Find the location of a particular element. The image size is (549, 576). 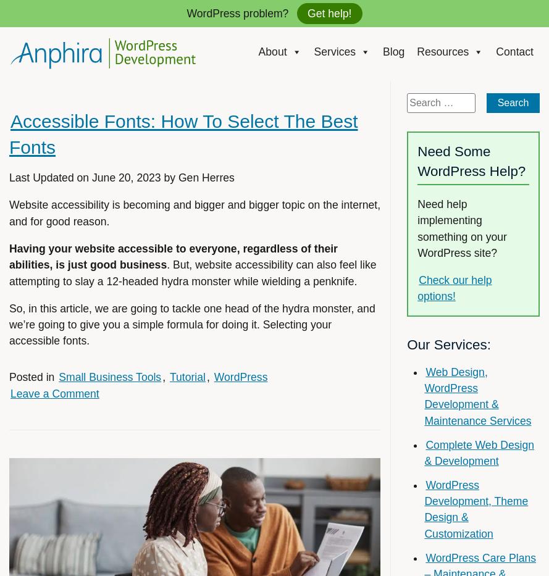

'WordPress Development, Theme Design & Customization' is located at coordinates (476, 509).